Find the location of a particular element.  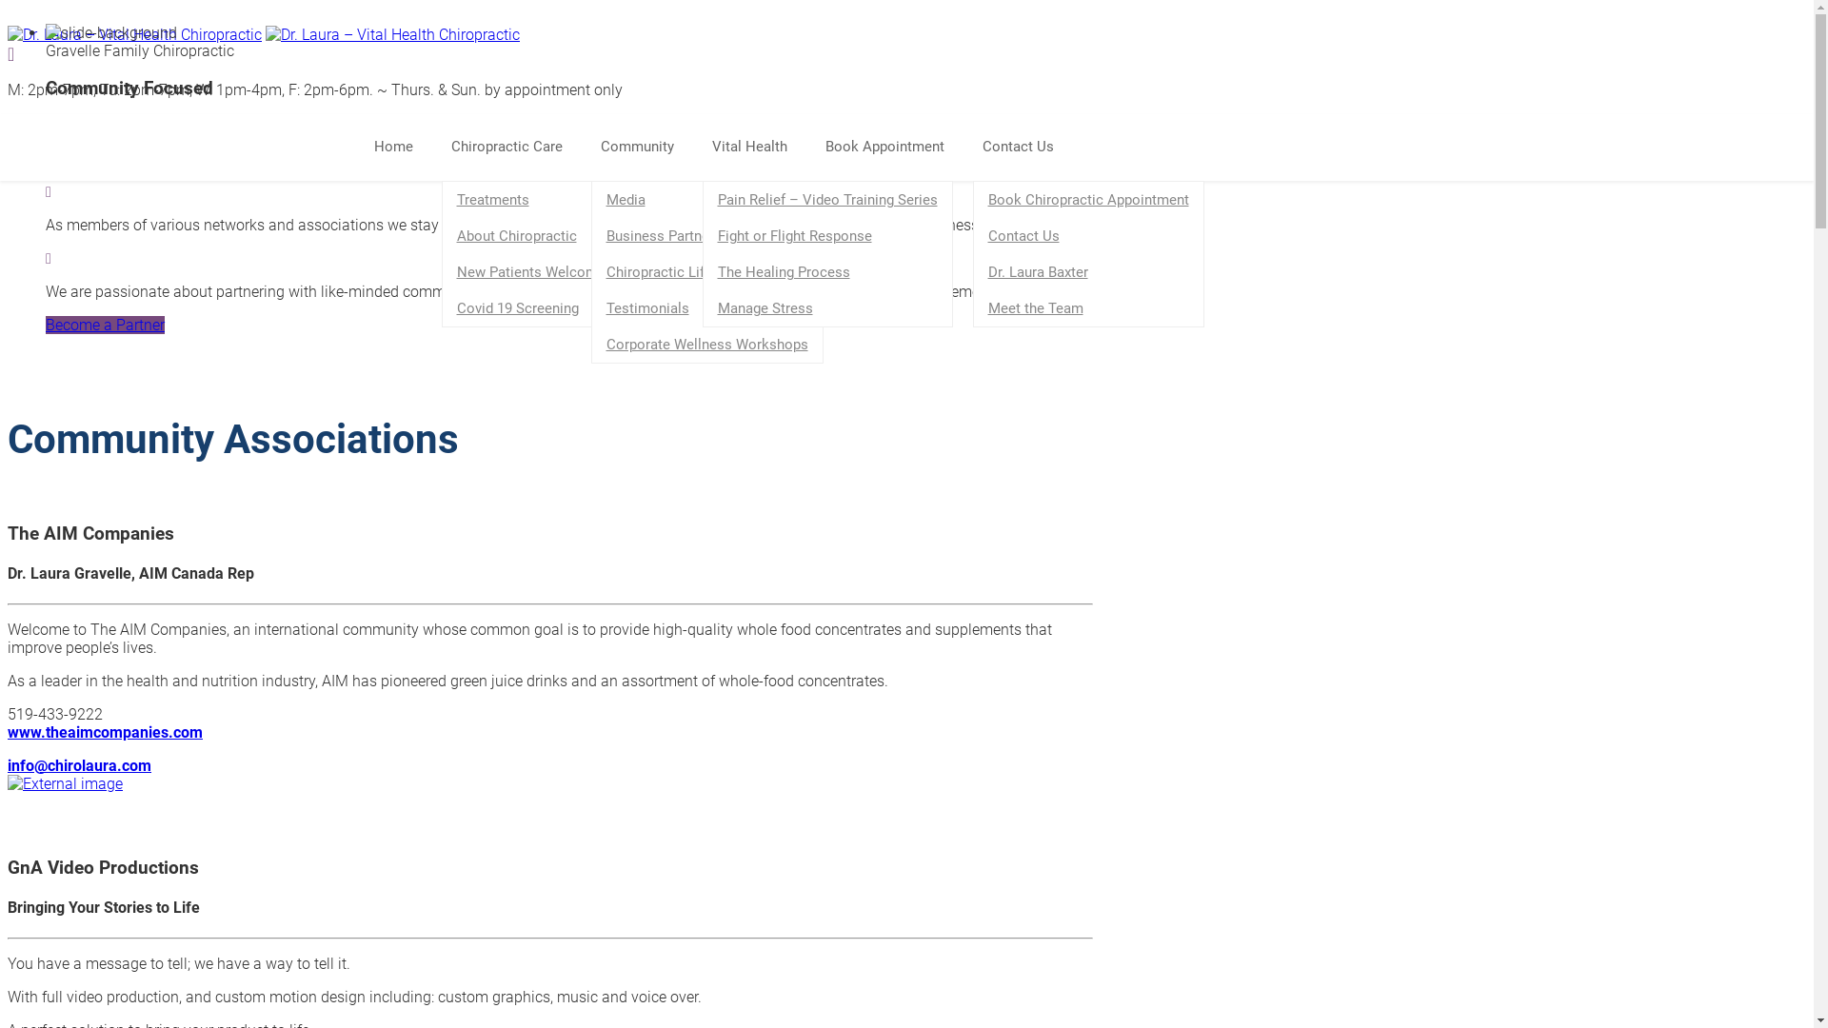

'Testimonials' is located at coordinates (706, 307).